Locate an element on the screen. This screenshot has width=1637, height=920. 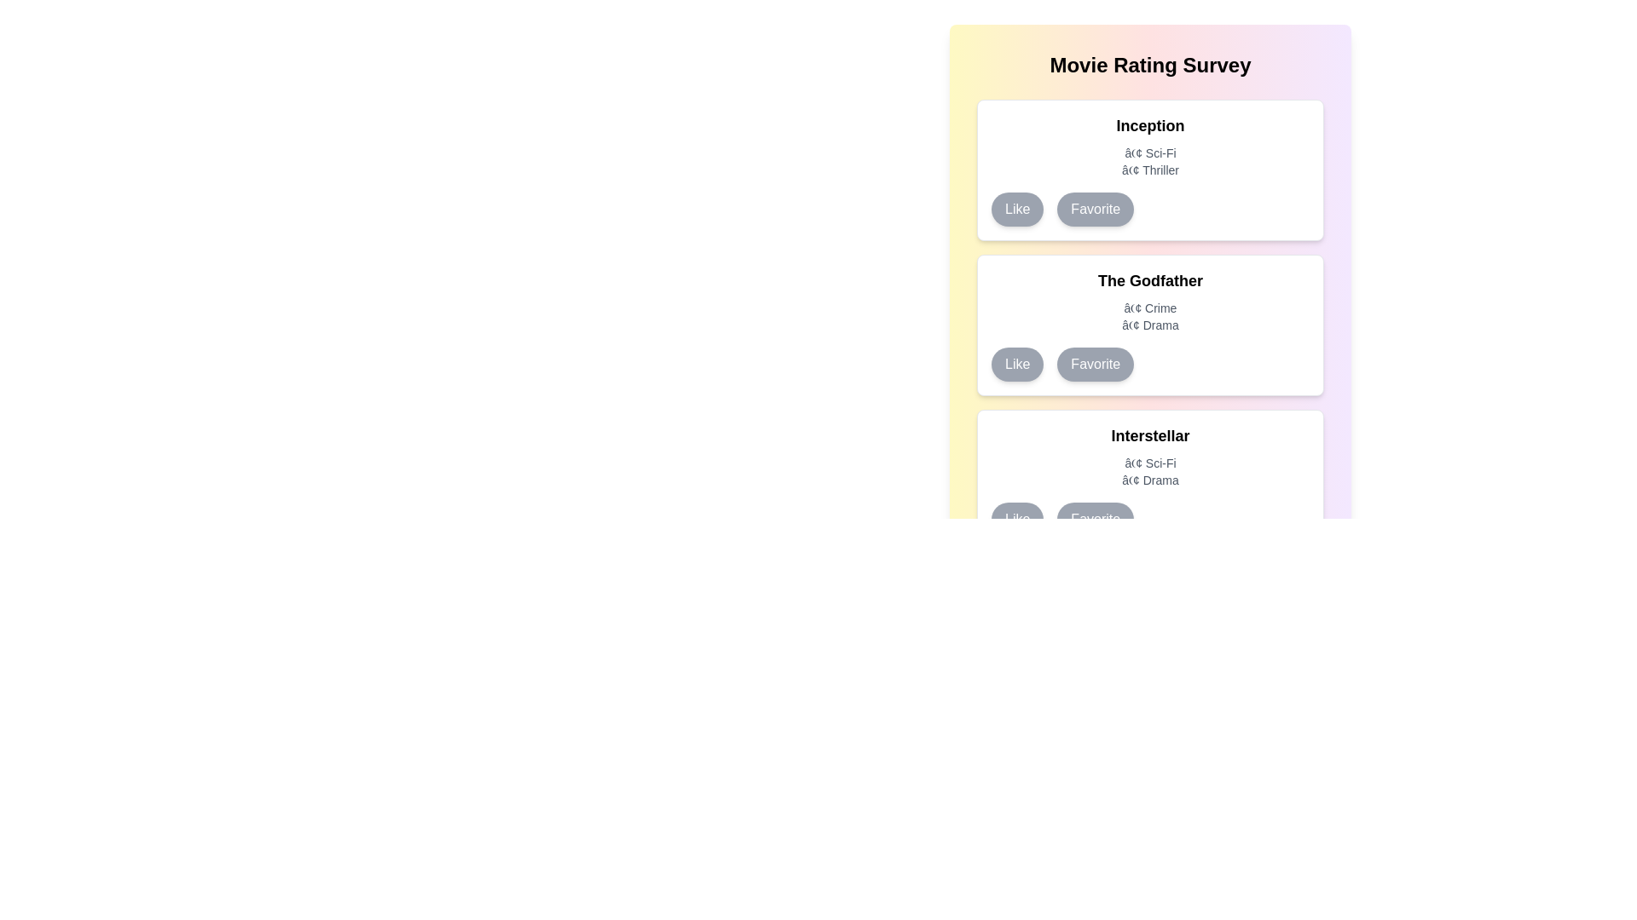
the text label that reads '• Sci-Fi' and '• Thriller', which is positioned below the title 'Inception' within a card layout is located at coordinates (1150, 161).